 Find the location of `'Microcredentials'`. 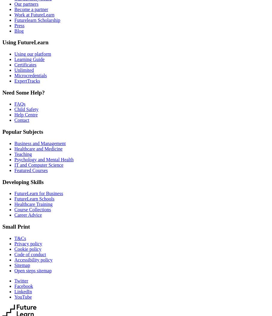

'Microcredentials' is located at coordinates (14, 75).